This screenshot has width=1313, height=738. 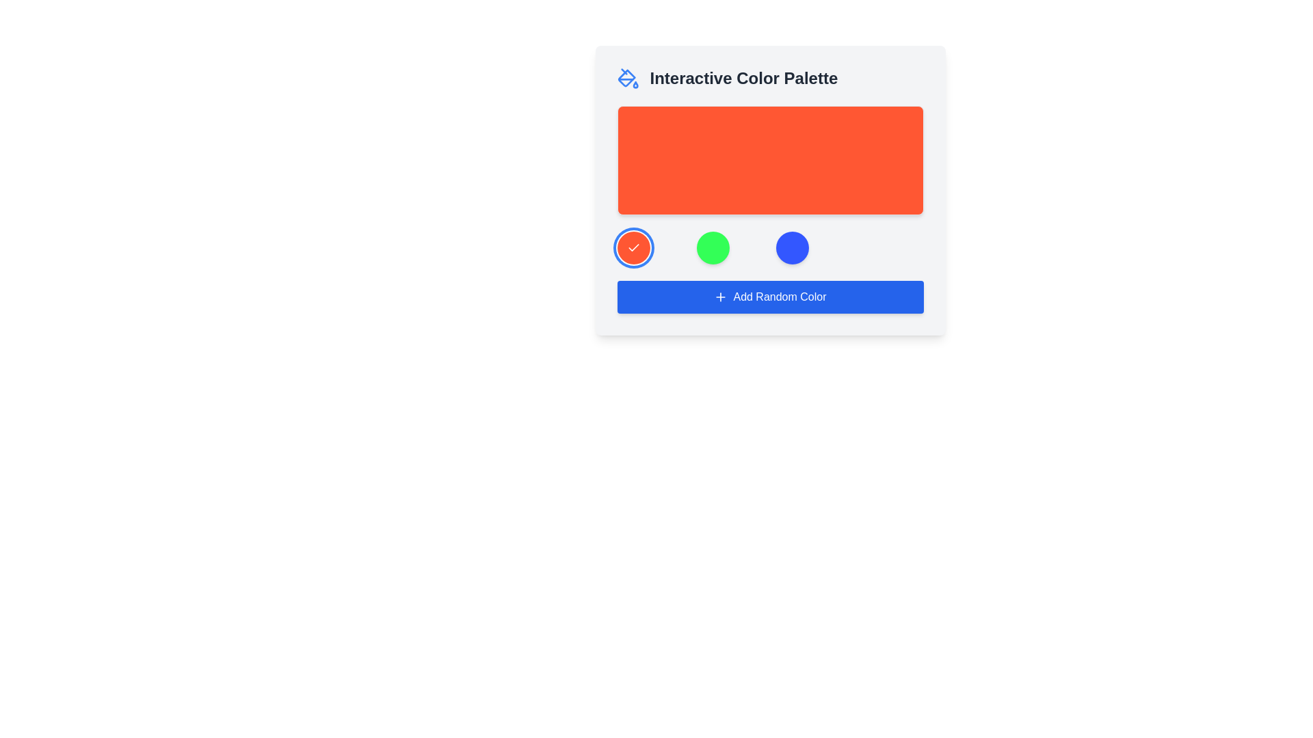 I want to click on the graphical icon representing the art or colors theme, located near the title 'Interactive Color Palette', so click(x=626, y=78).